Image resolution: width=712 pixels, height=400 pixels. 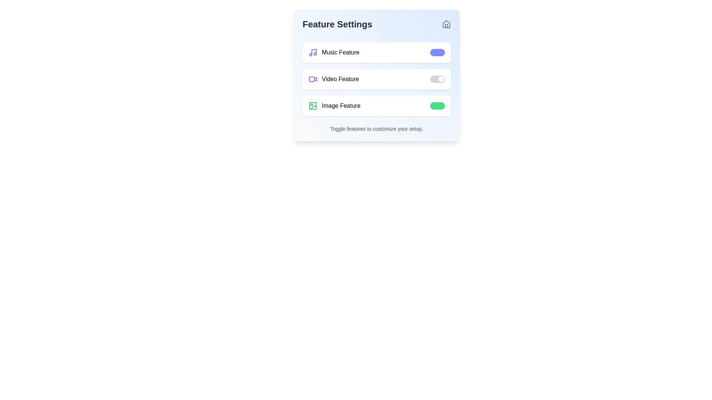 What do you see at coordinates (448, 106) in the screenshot?
I see `the small circular white toggle knob at the right edge of the green toggle switch bar labeled 'Image Feature' within the 'Feature Settings' panel` at bounding box center [448, 106].